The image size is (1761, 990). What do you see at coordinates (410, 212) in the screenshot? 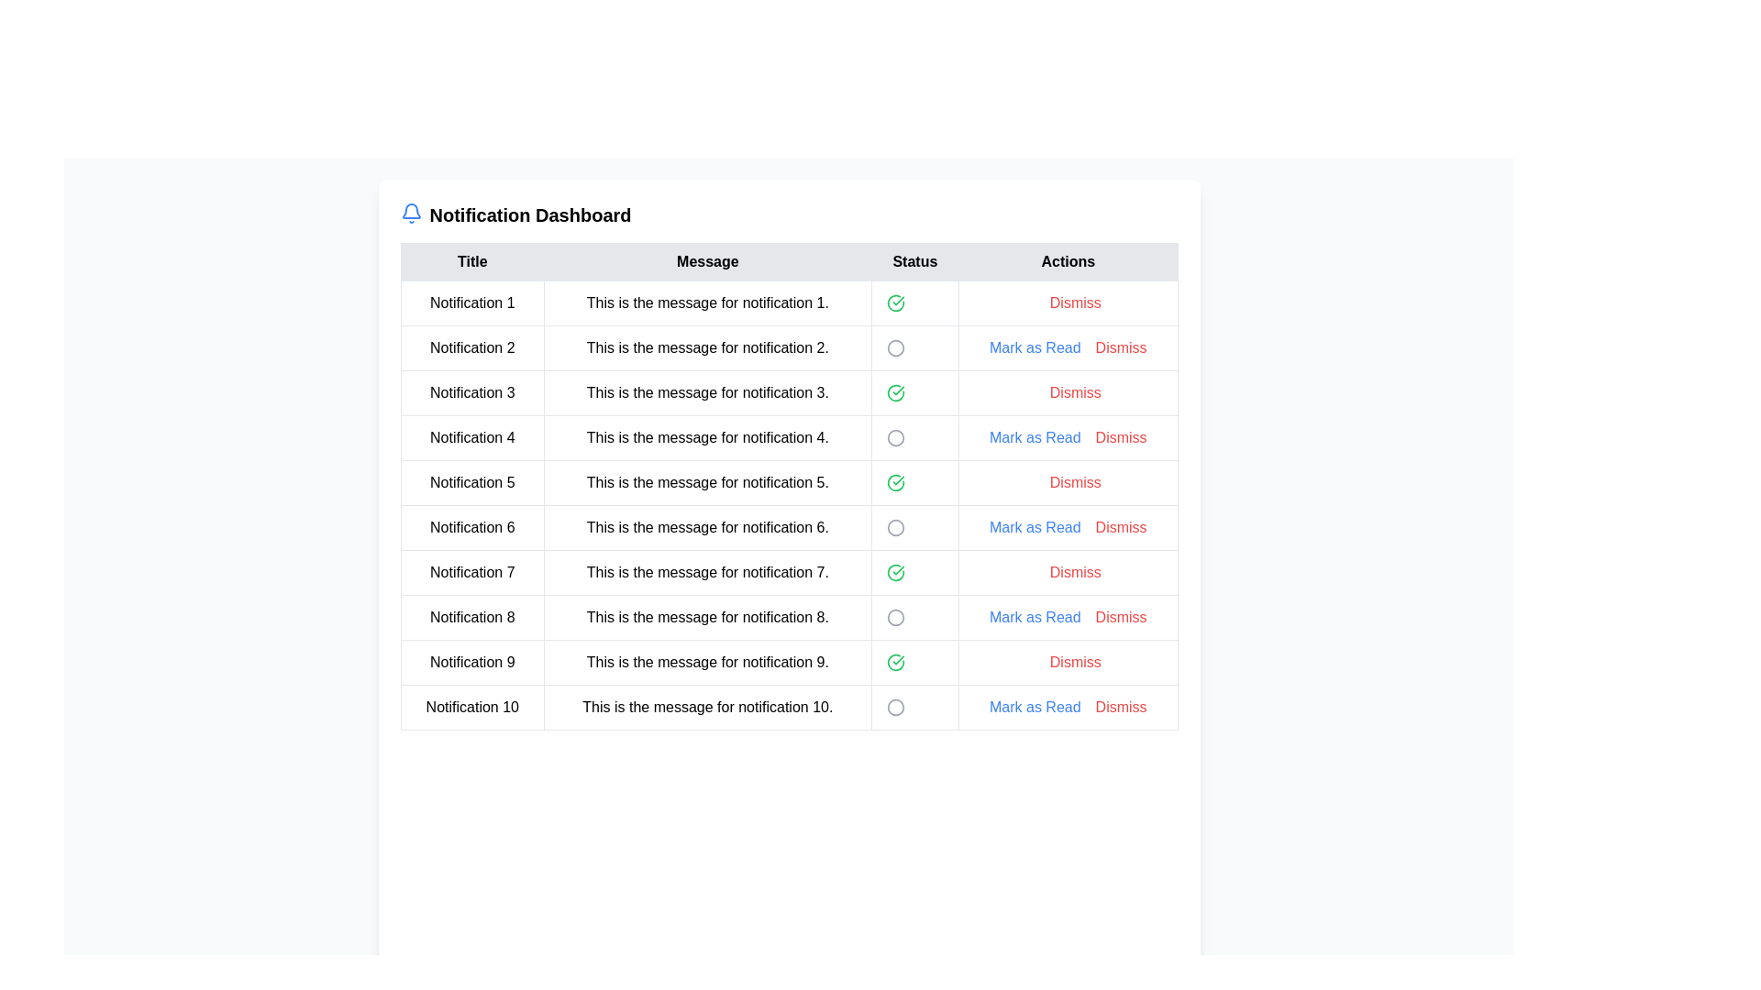
I see `the notification icon located to the left of the 'Notification Dashboard' text in the header section` at bounding box center [410, 212].